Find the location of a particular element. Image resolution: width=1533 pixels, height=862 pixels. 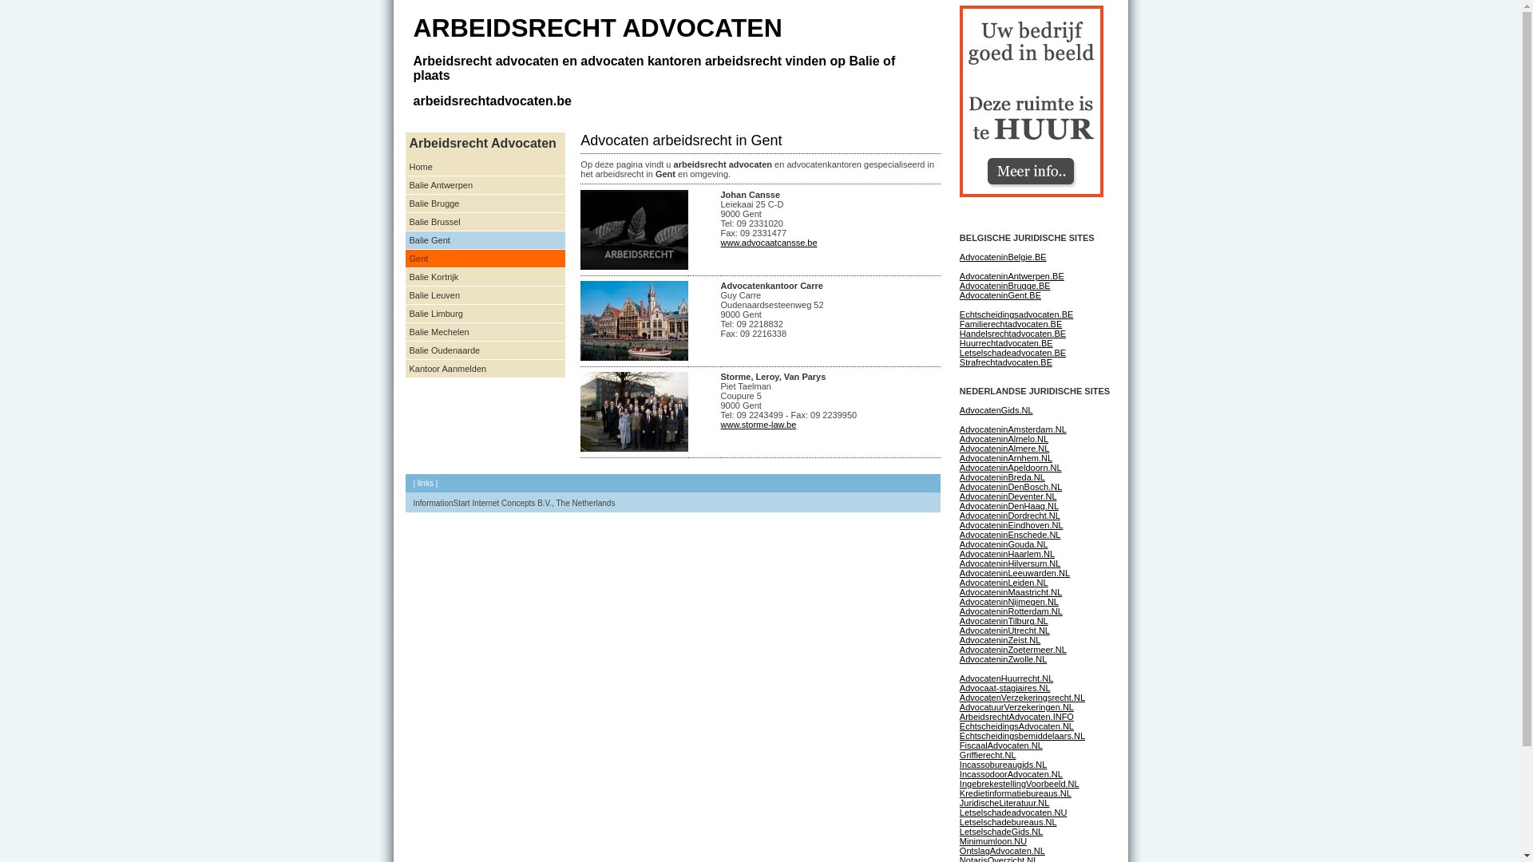

'JuridischeLiteratuur.NL' is located at coordinates (1004, 803).